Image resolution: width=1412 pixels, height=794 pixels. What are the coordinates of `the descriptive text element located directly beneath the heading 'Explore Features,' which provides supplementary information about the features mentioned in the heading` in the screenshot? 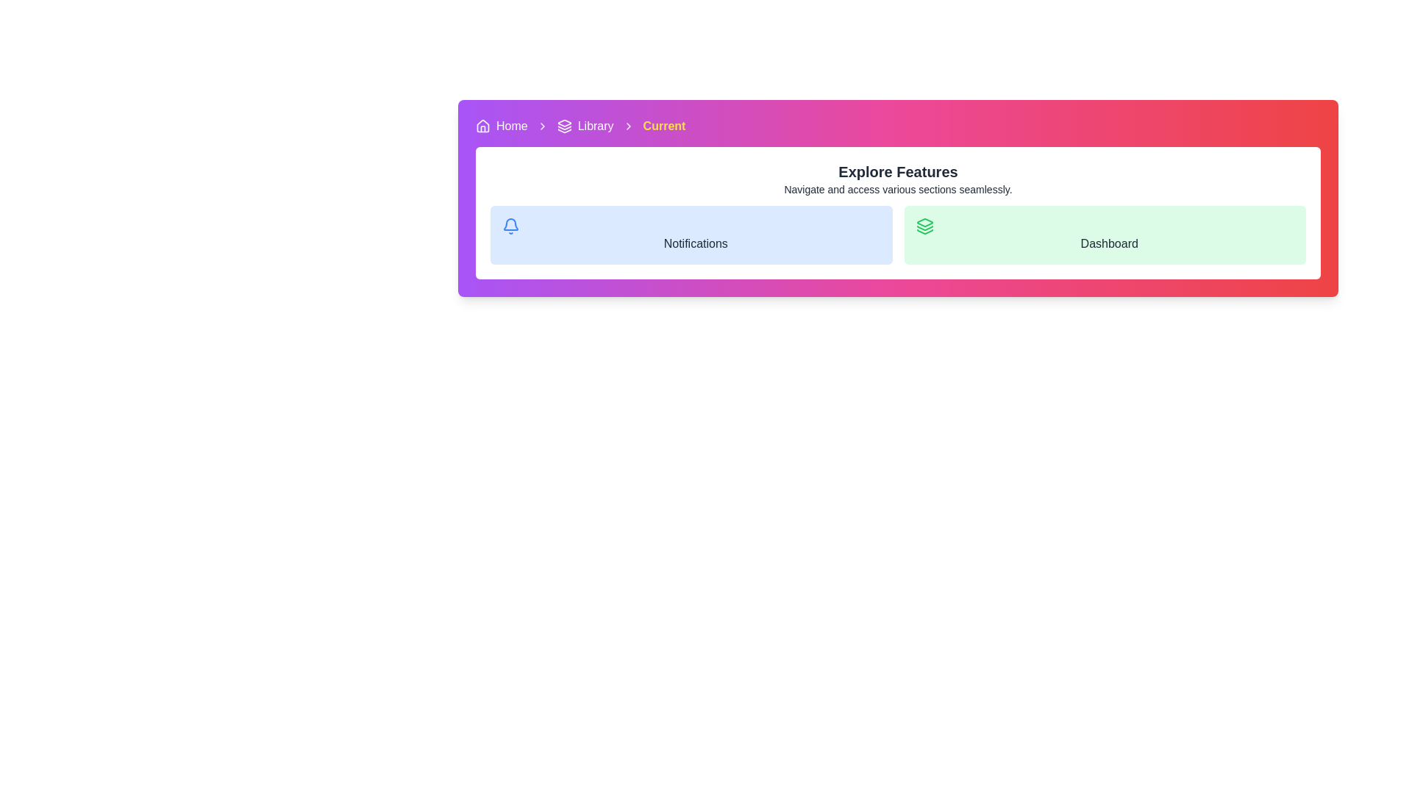 It's located at (897, 189).